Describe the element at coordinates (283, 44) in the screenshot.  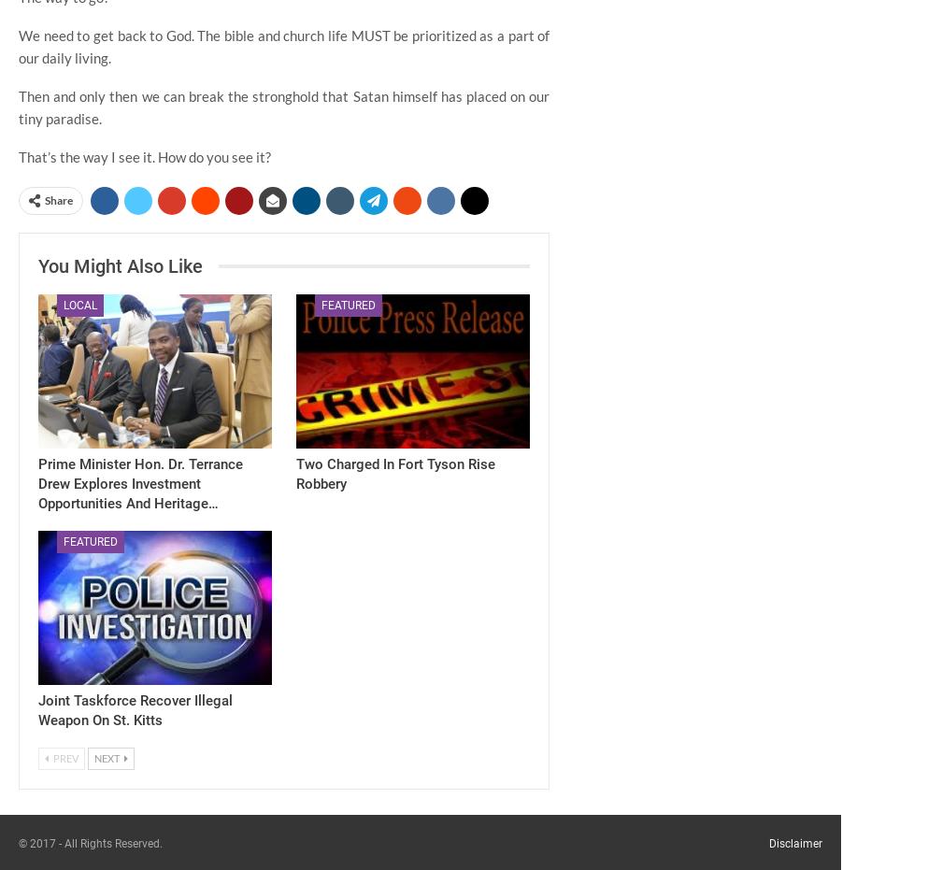
I see `'We need to get back to God. The bible and church life MUST be prioritized as a part of our daily living.'` at that location.